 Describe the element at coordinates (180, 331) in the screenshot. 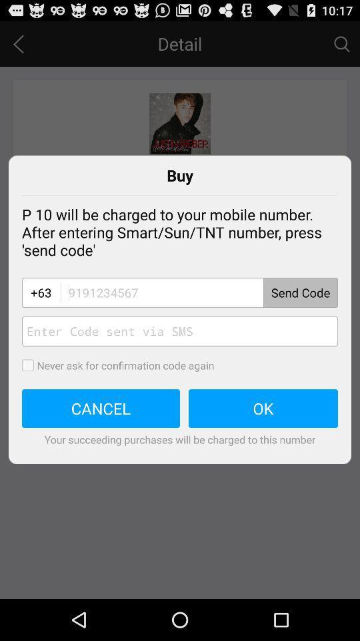

I see `type code` at that location.